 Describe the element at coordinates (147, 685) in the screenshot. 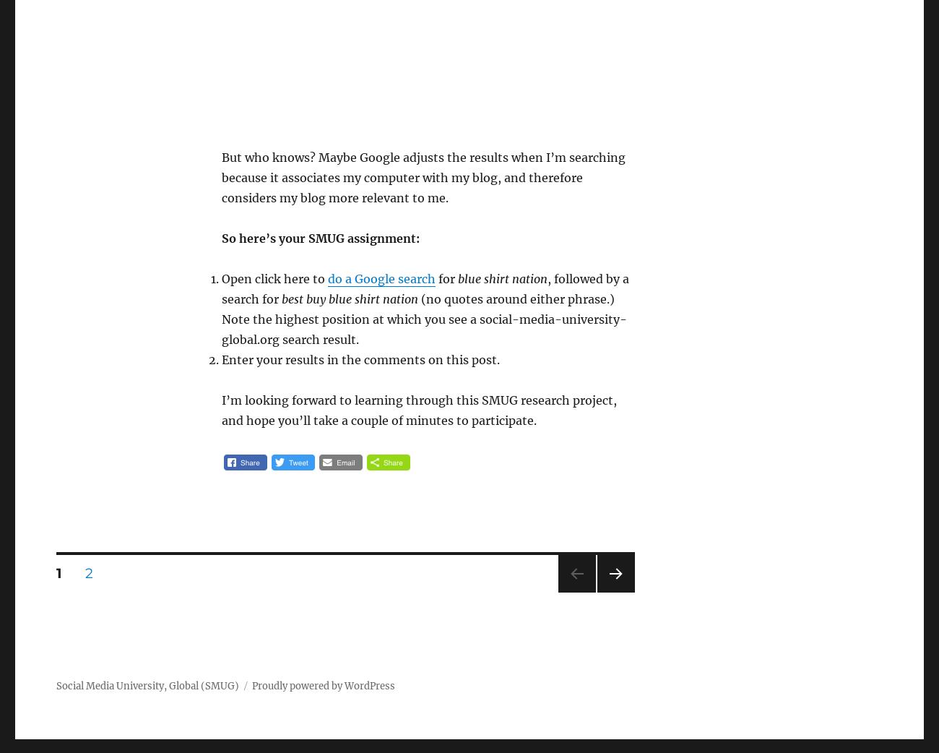

I see `'Social Media University, Global (SMUG)'` at that location.